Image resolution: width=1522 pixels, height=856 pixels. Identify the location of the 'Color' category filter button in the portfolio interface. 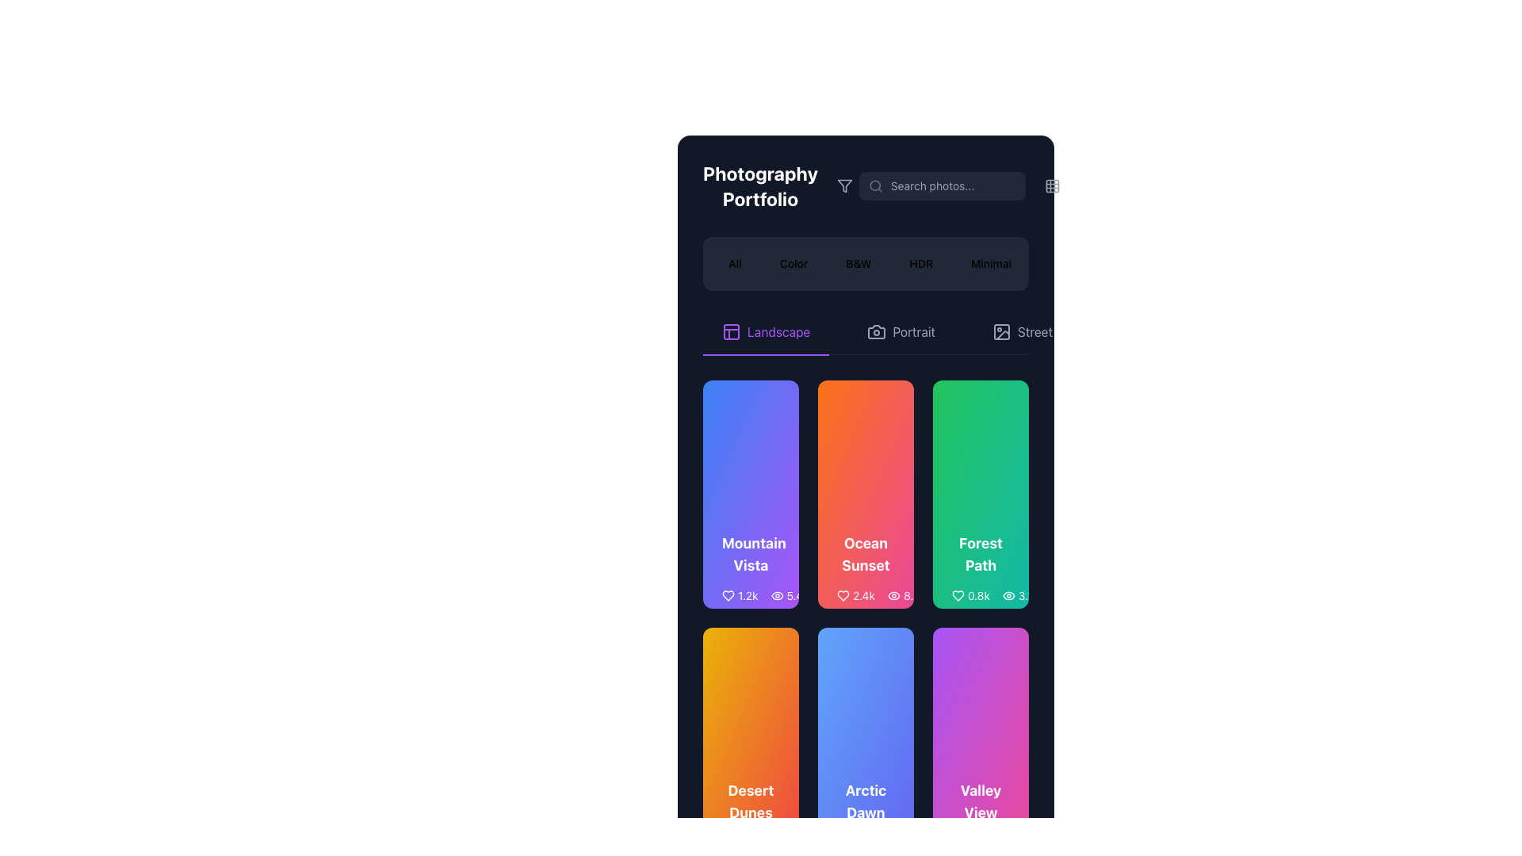
(794, 262).